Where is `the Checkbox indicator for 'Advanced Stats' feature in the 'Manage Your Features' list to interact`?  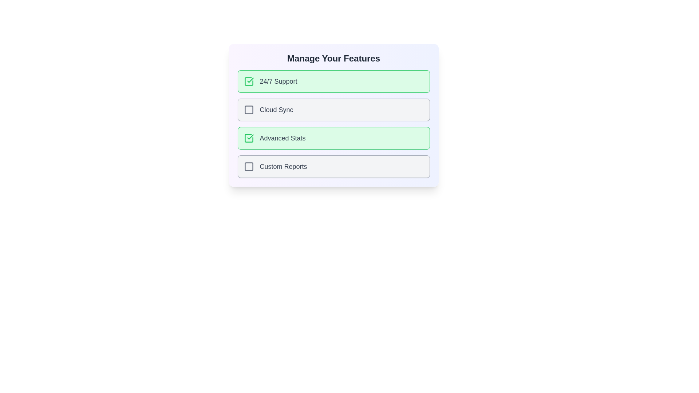 the Checkbox indicator for 'Advanced Stats' feature in the 'Manage Your Features' list to interact is located at coordinates (249, 138).